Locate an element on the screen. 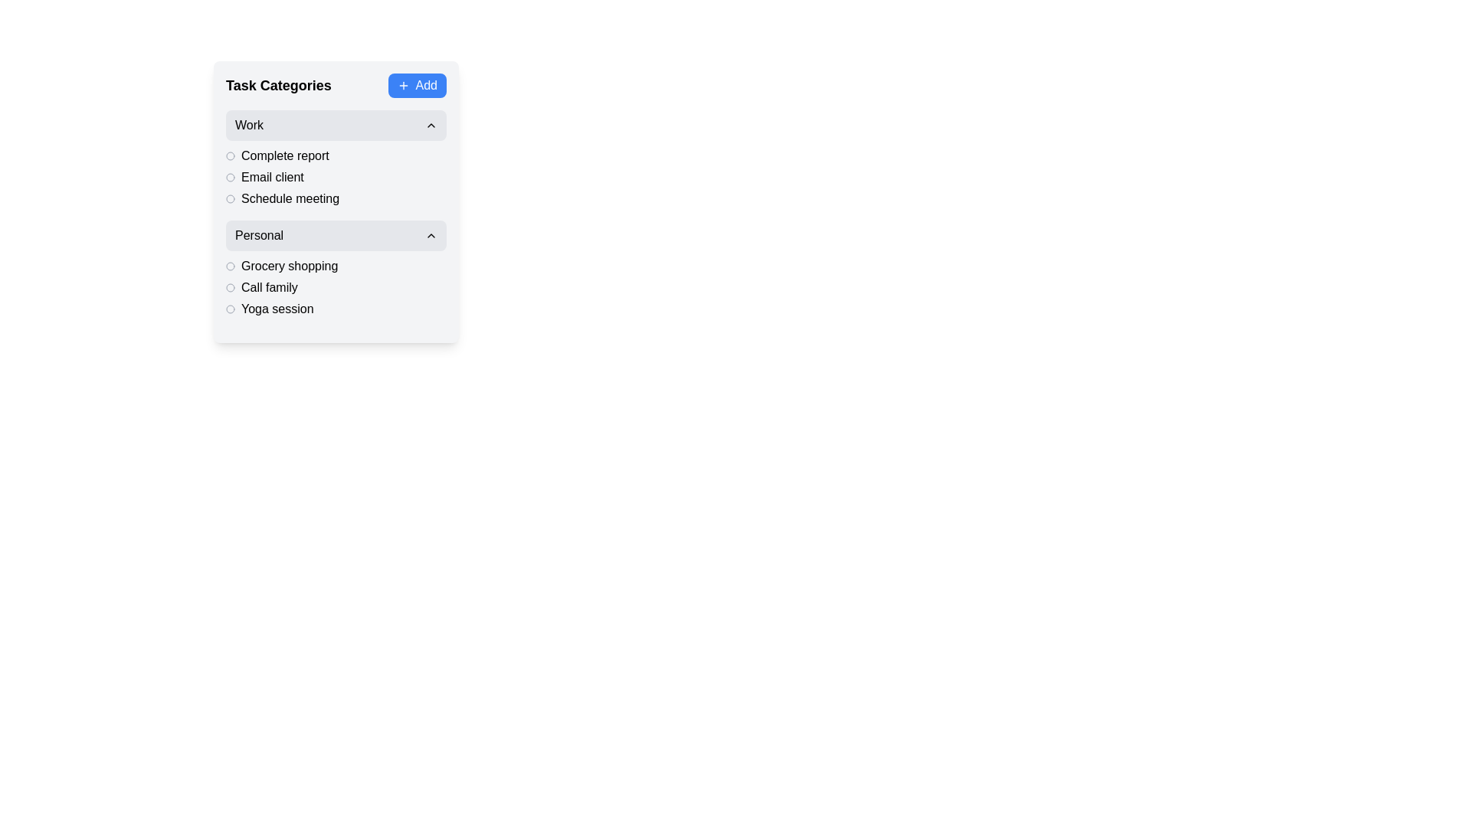 The width and height of the screenshot is (1471, 827). the circular icon styled with a thin outline, located adjacent to the text 'Yoga session' in the 'Personal' category under the 'Task Categories' interface is located at coordinates (230, 309).